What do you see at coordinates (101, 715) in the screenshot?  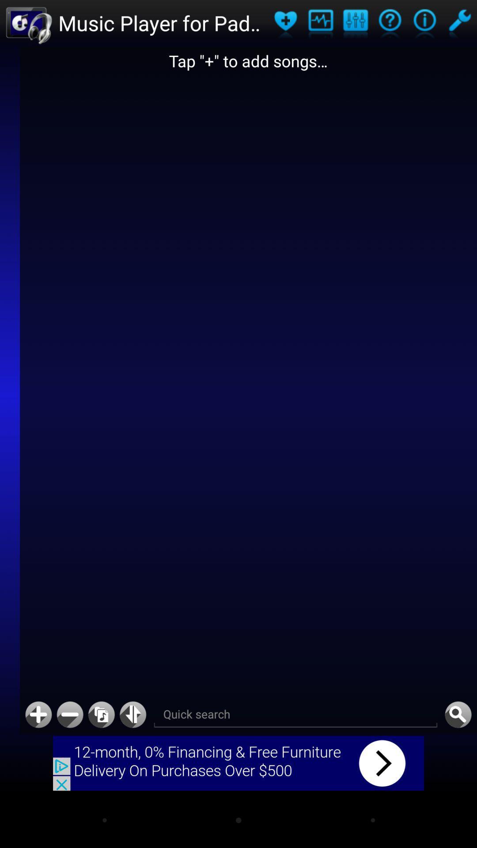 I see `music` at bounding box center [101, 715].